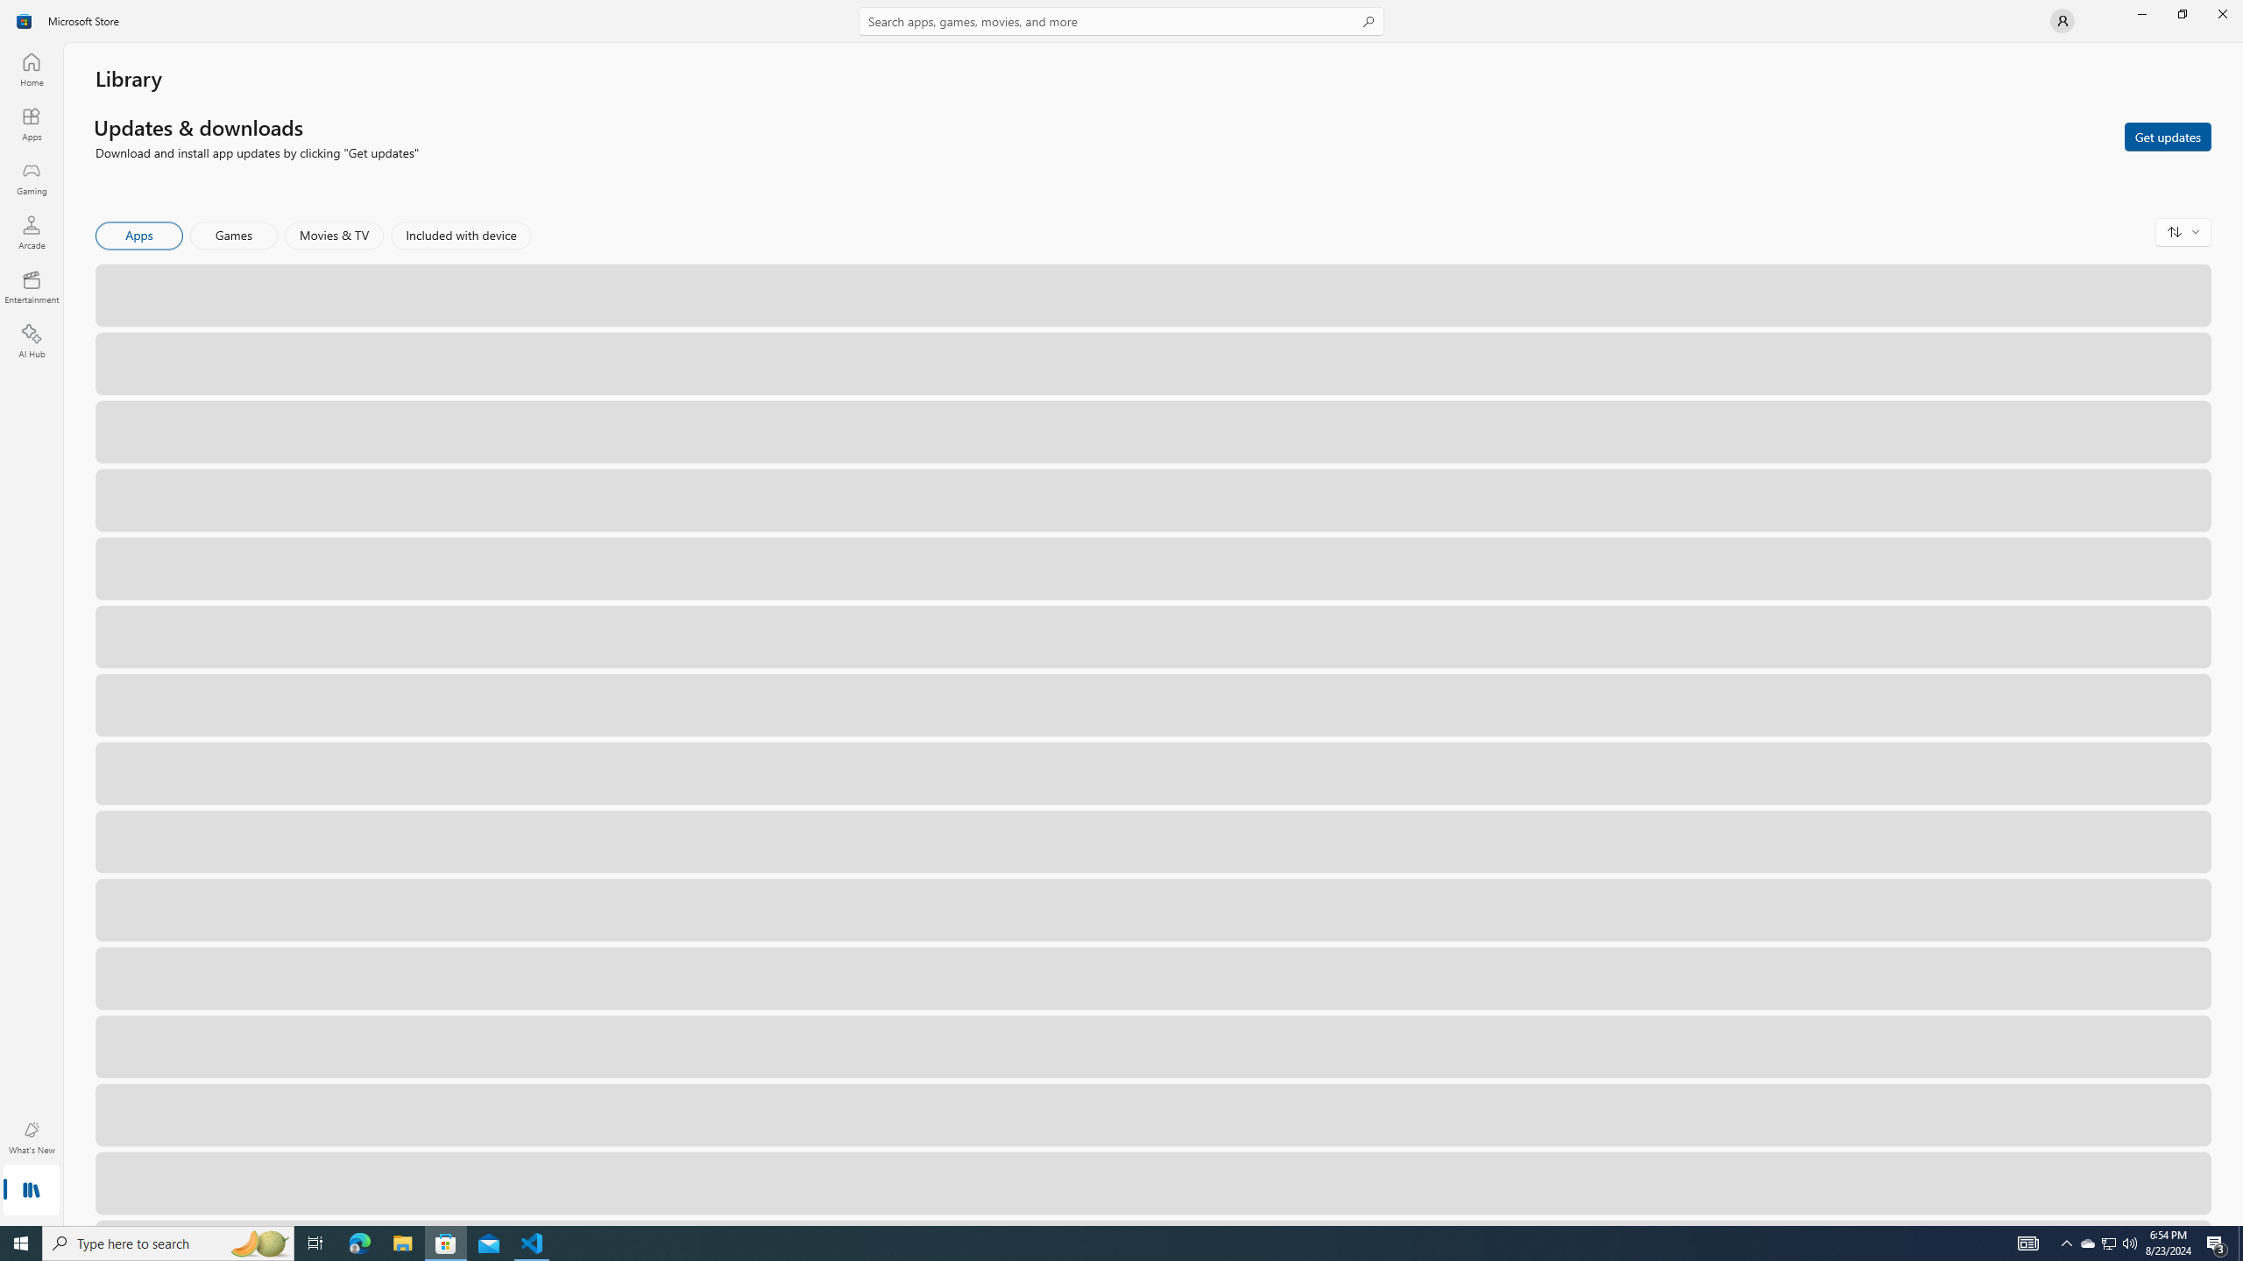 This screenshot has height=1261, width=2243. Describe the element at coordinates (2183, 231) in the screenshot. I see `'Sort and filter'` at that location.